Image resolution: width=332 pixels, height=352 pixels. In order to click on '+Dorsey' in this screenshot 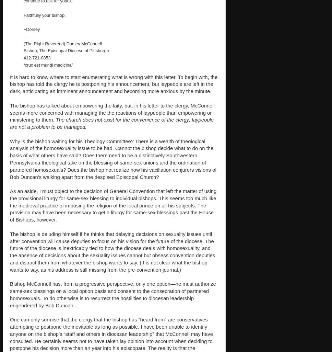, I will do `click(32, 29)`.